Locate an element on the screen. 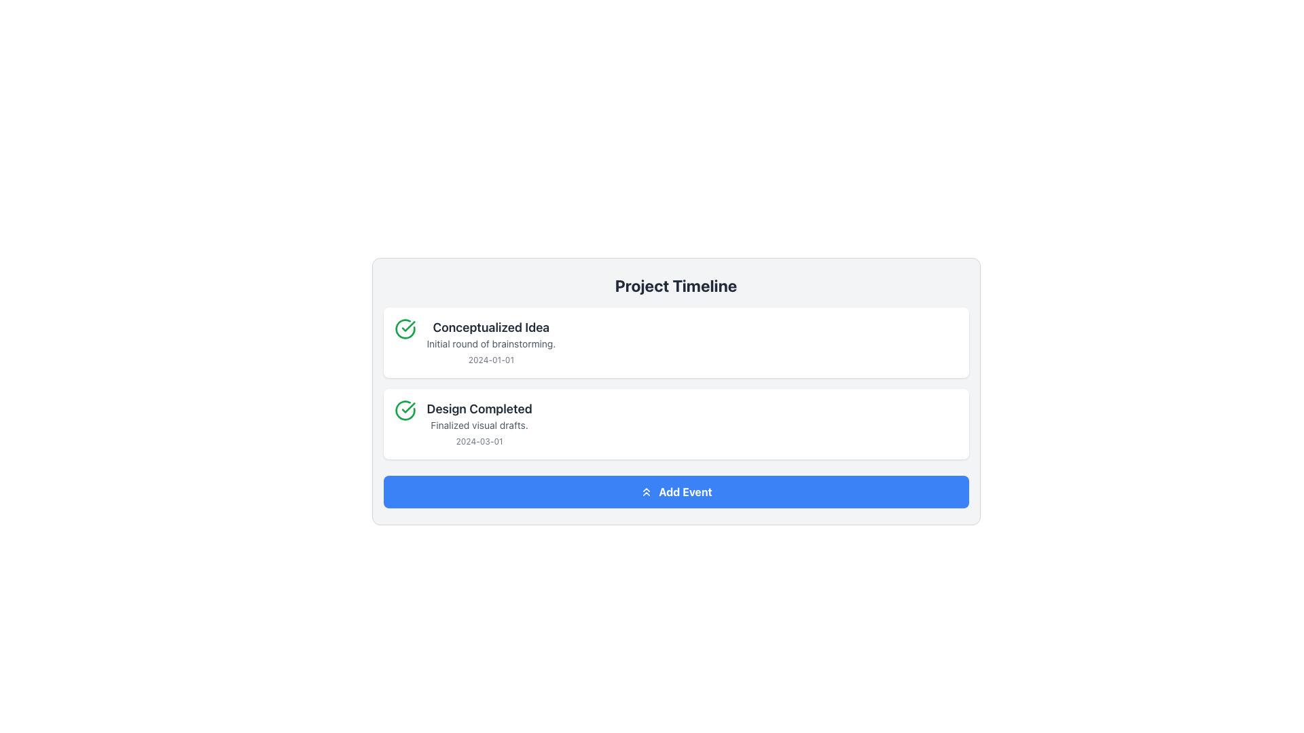 This screenshot has height=733, width=1304. the text label 'Conceptualized Idea' which is prominently styled in bold and large font, located at the top of the first item in the vertical timeline under 'Project Timeline' is located at coordinates (490, 327).